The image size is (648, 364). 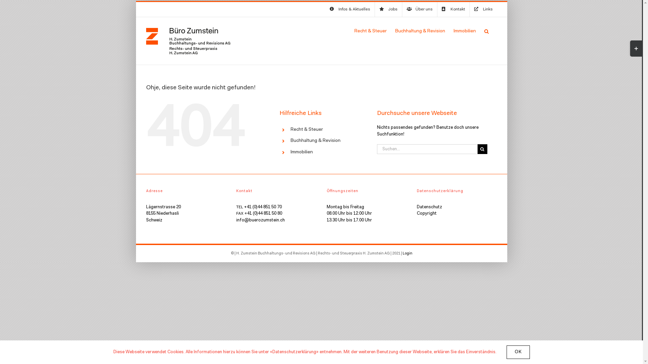 What do you see at coordinates (388, 9) in the screenshot?
I see `'Jobs'` at bounding box center [388, 9].